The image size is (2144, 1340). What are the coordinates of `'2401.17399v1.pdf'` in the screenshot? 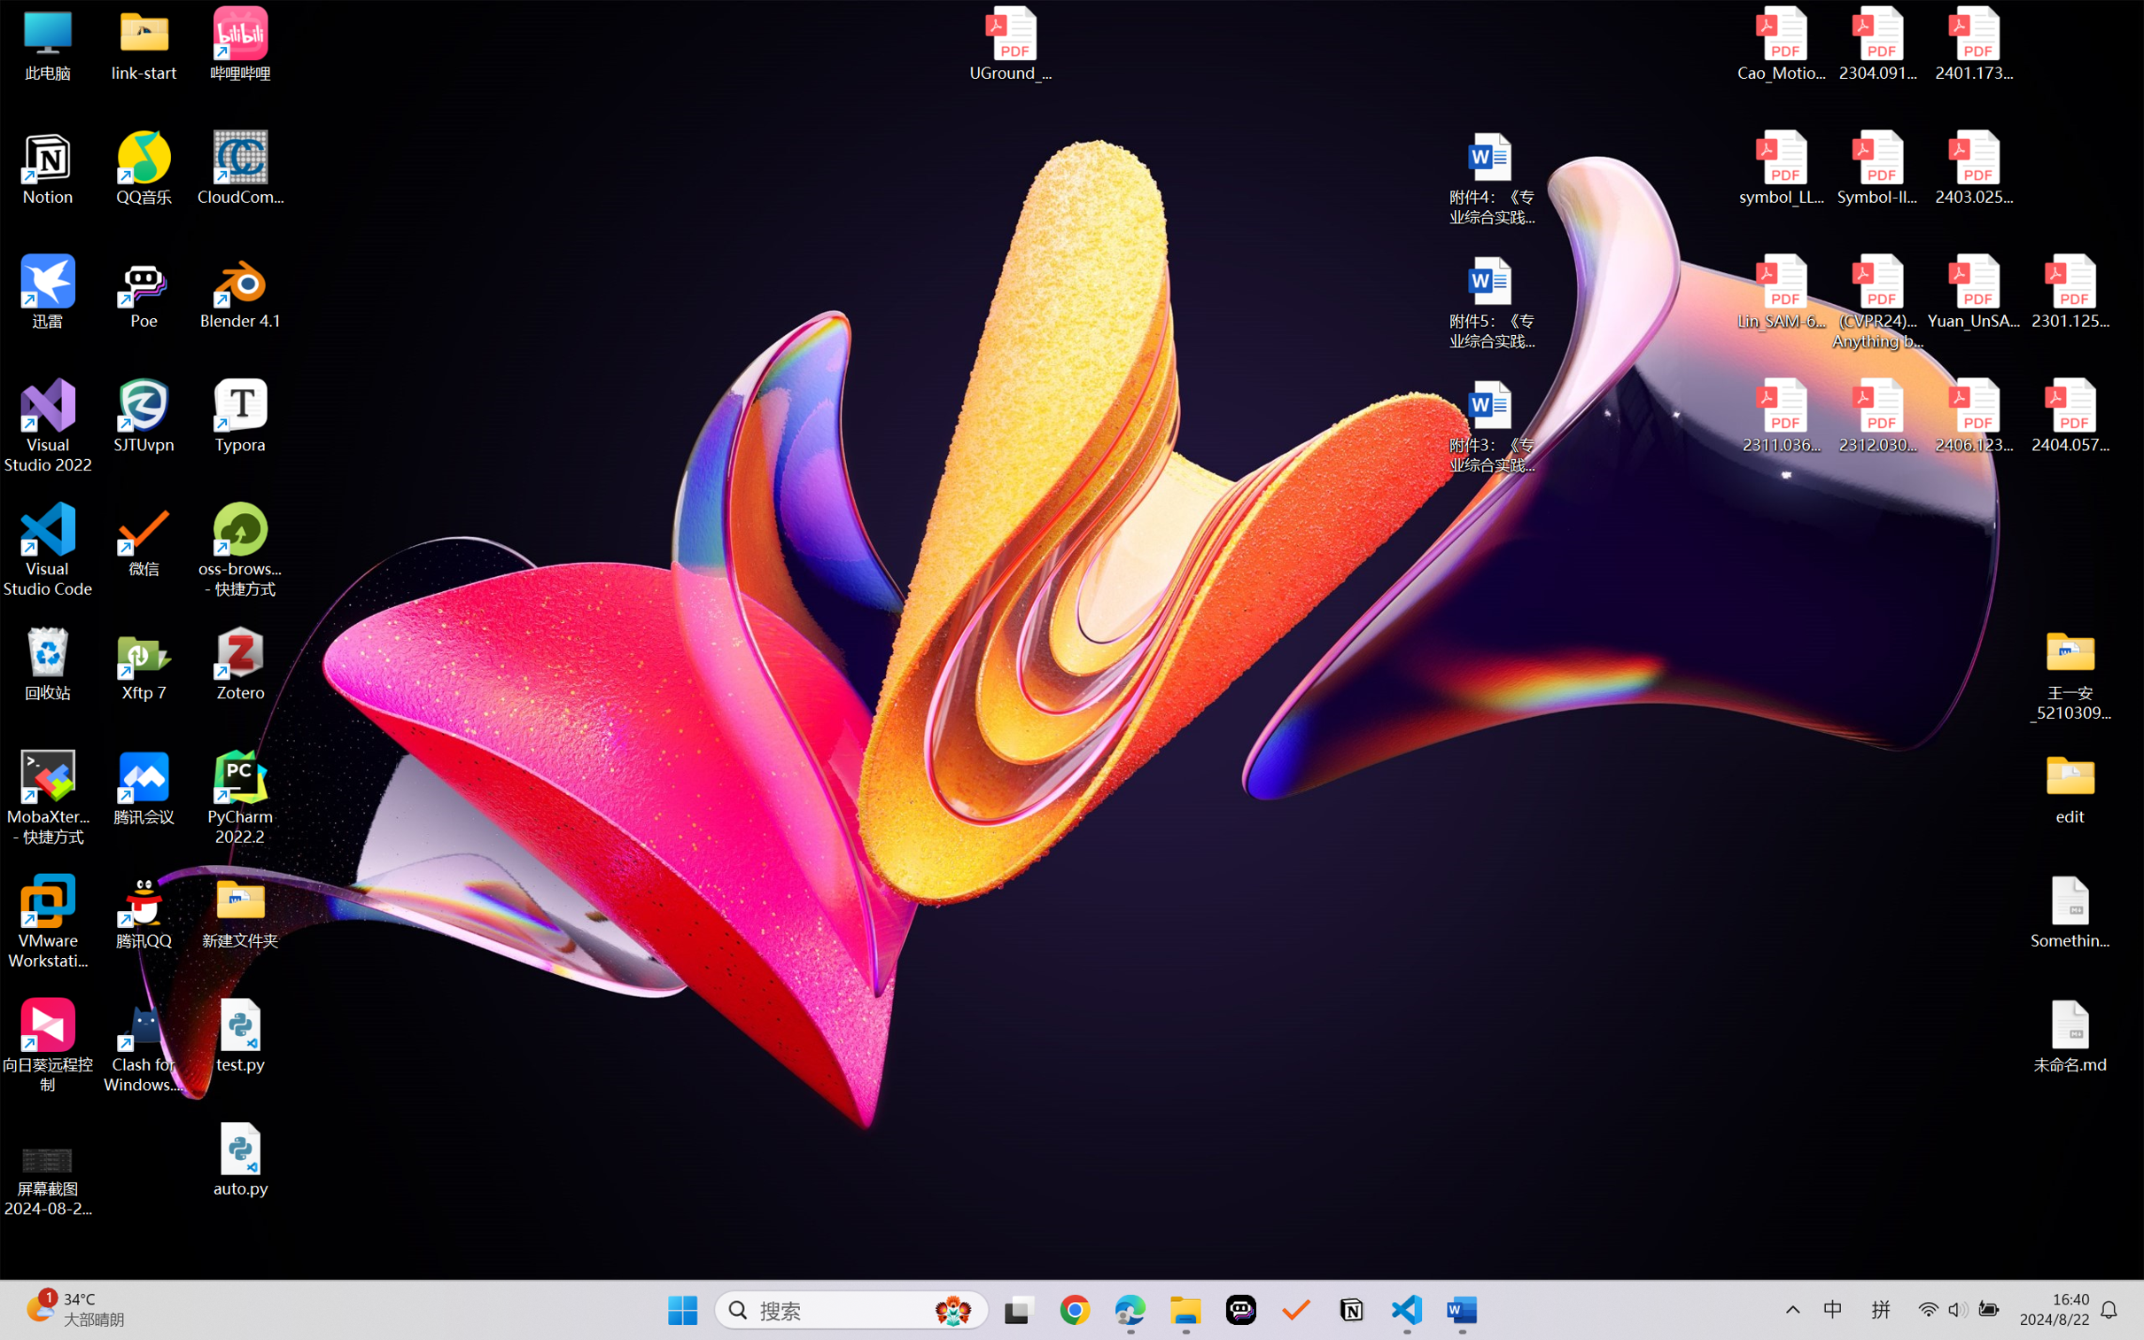 It's located at (1972, 43).